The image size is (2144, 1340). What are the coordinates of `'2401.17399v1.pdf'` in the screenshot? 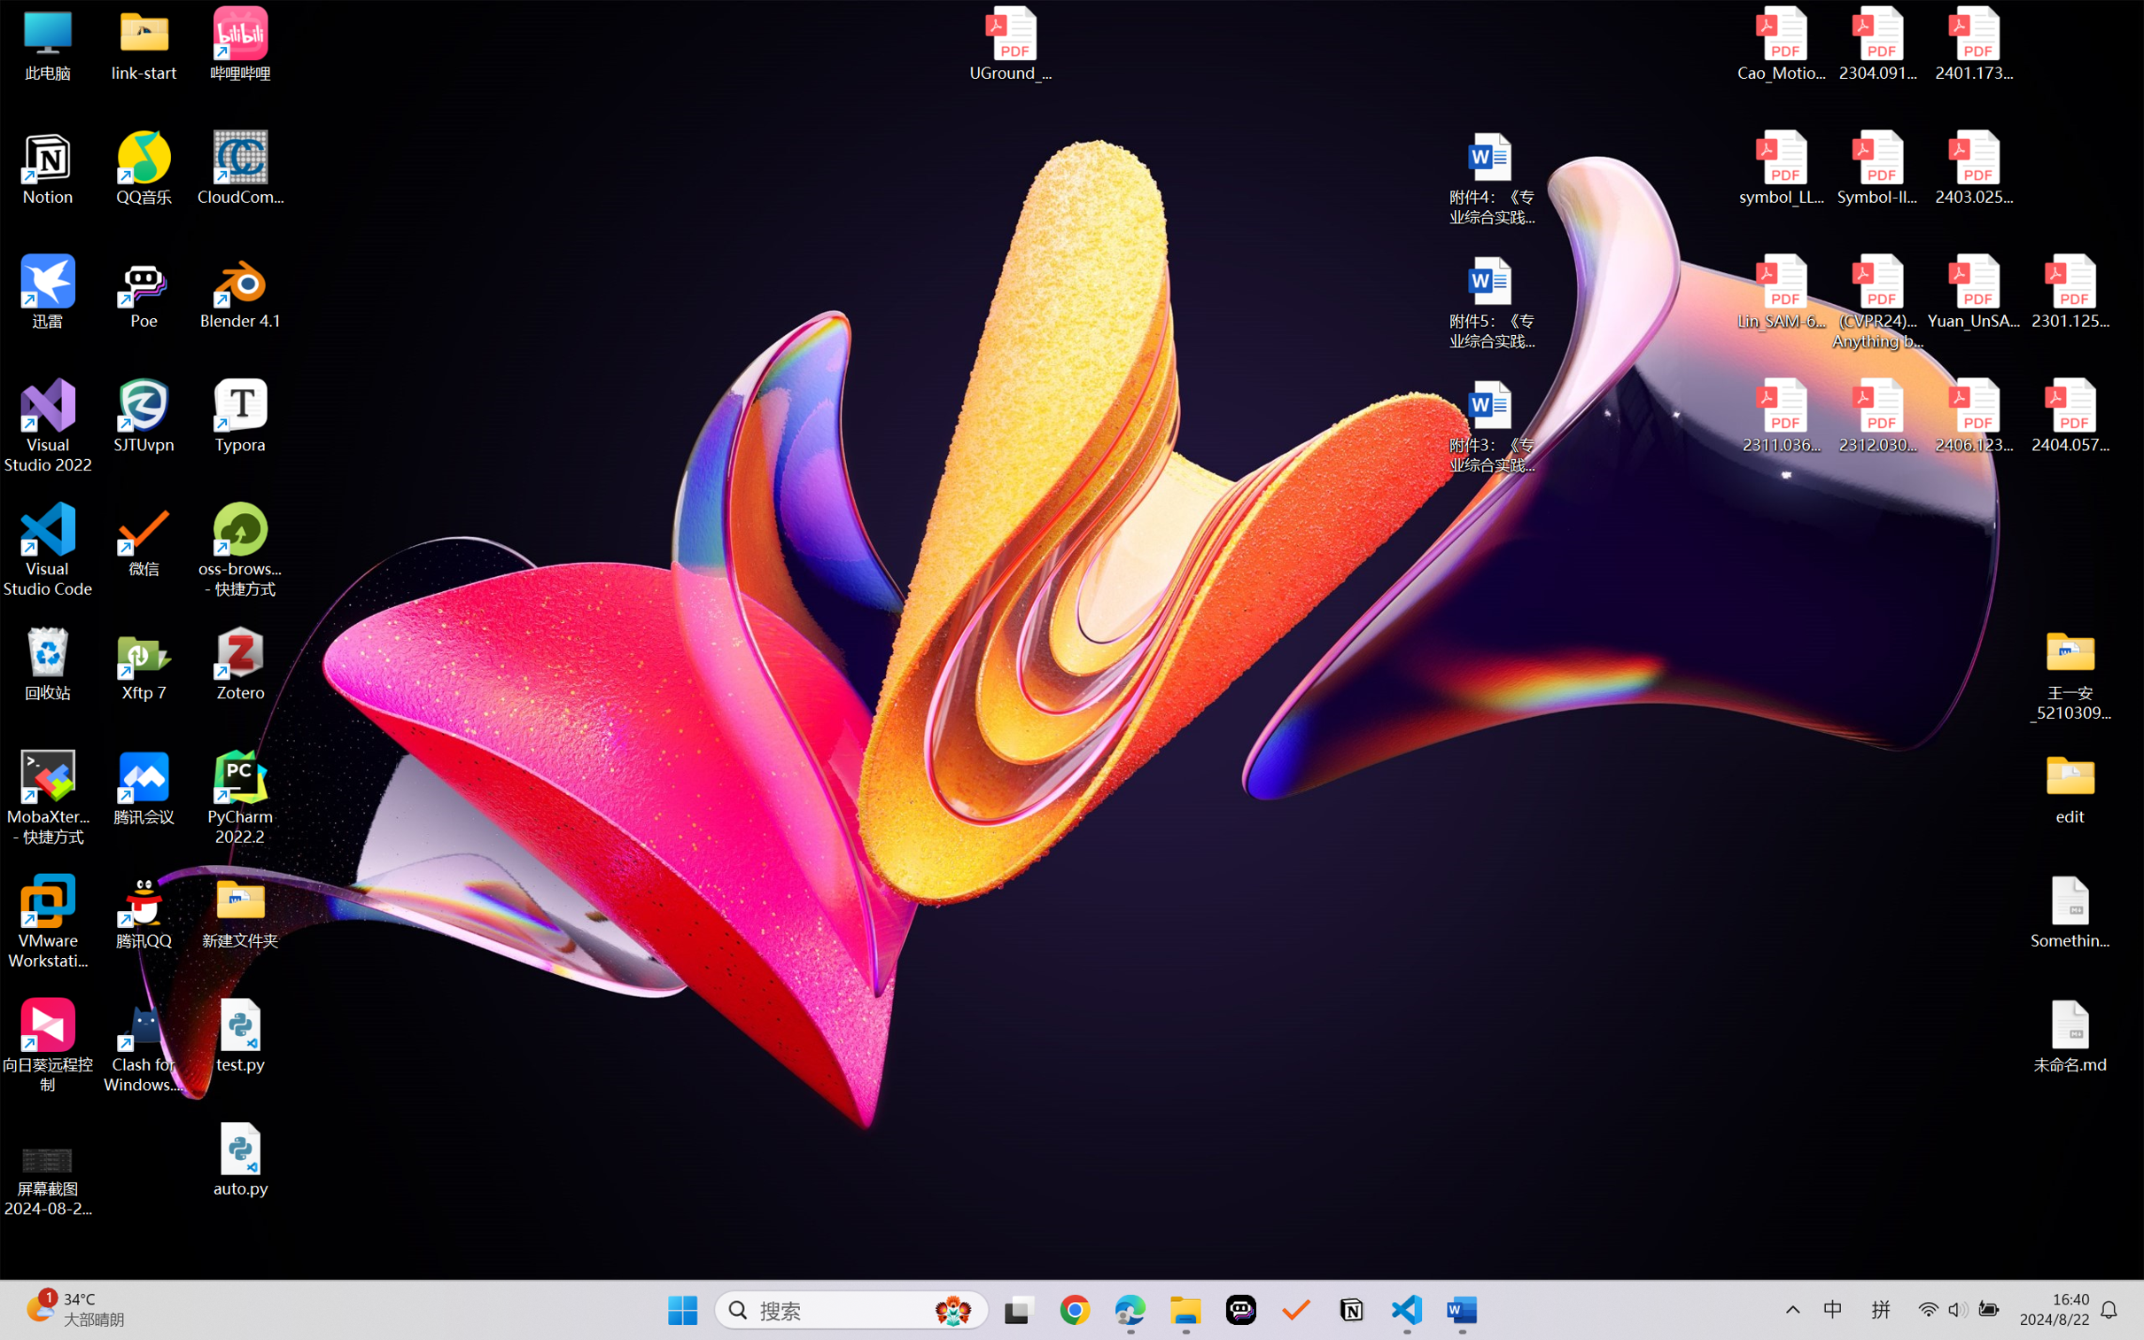 It's located at (1972, 43).